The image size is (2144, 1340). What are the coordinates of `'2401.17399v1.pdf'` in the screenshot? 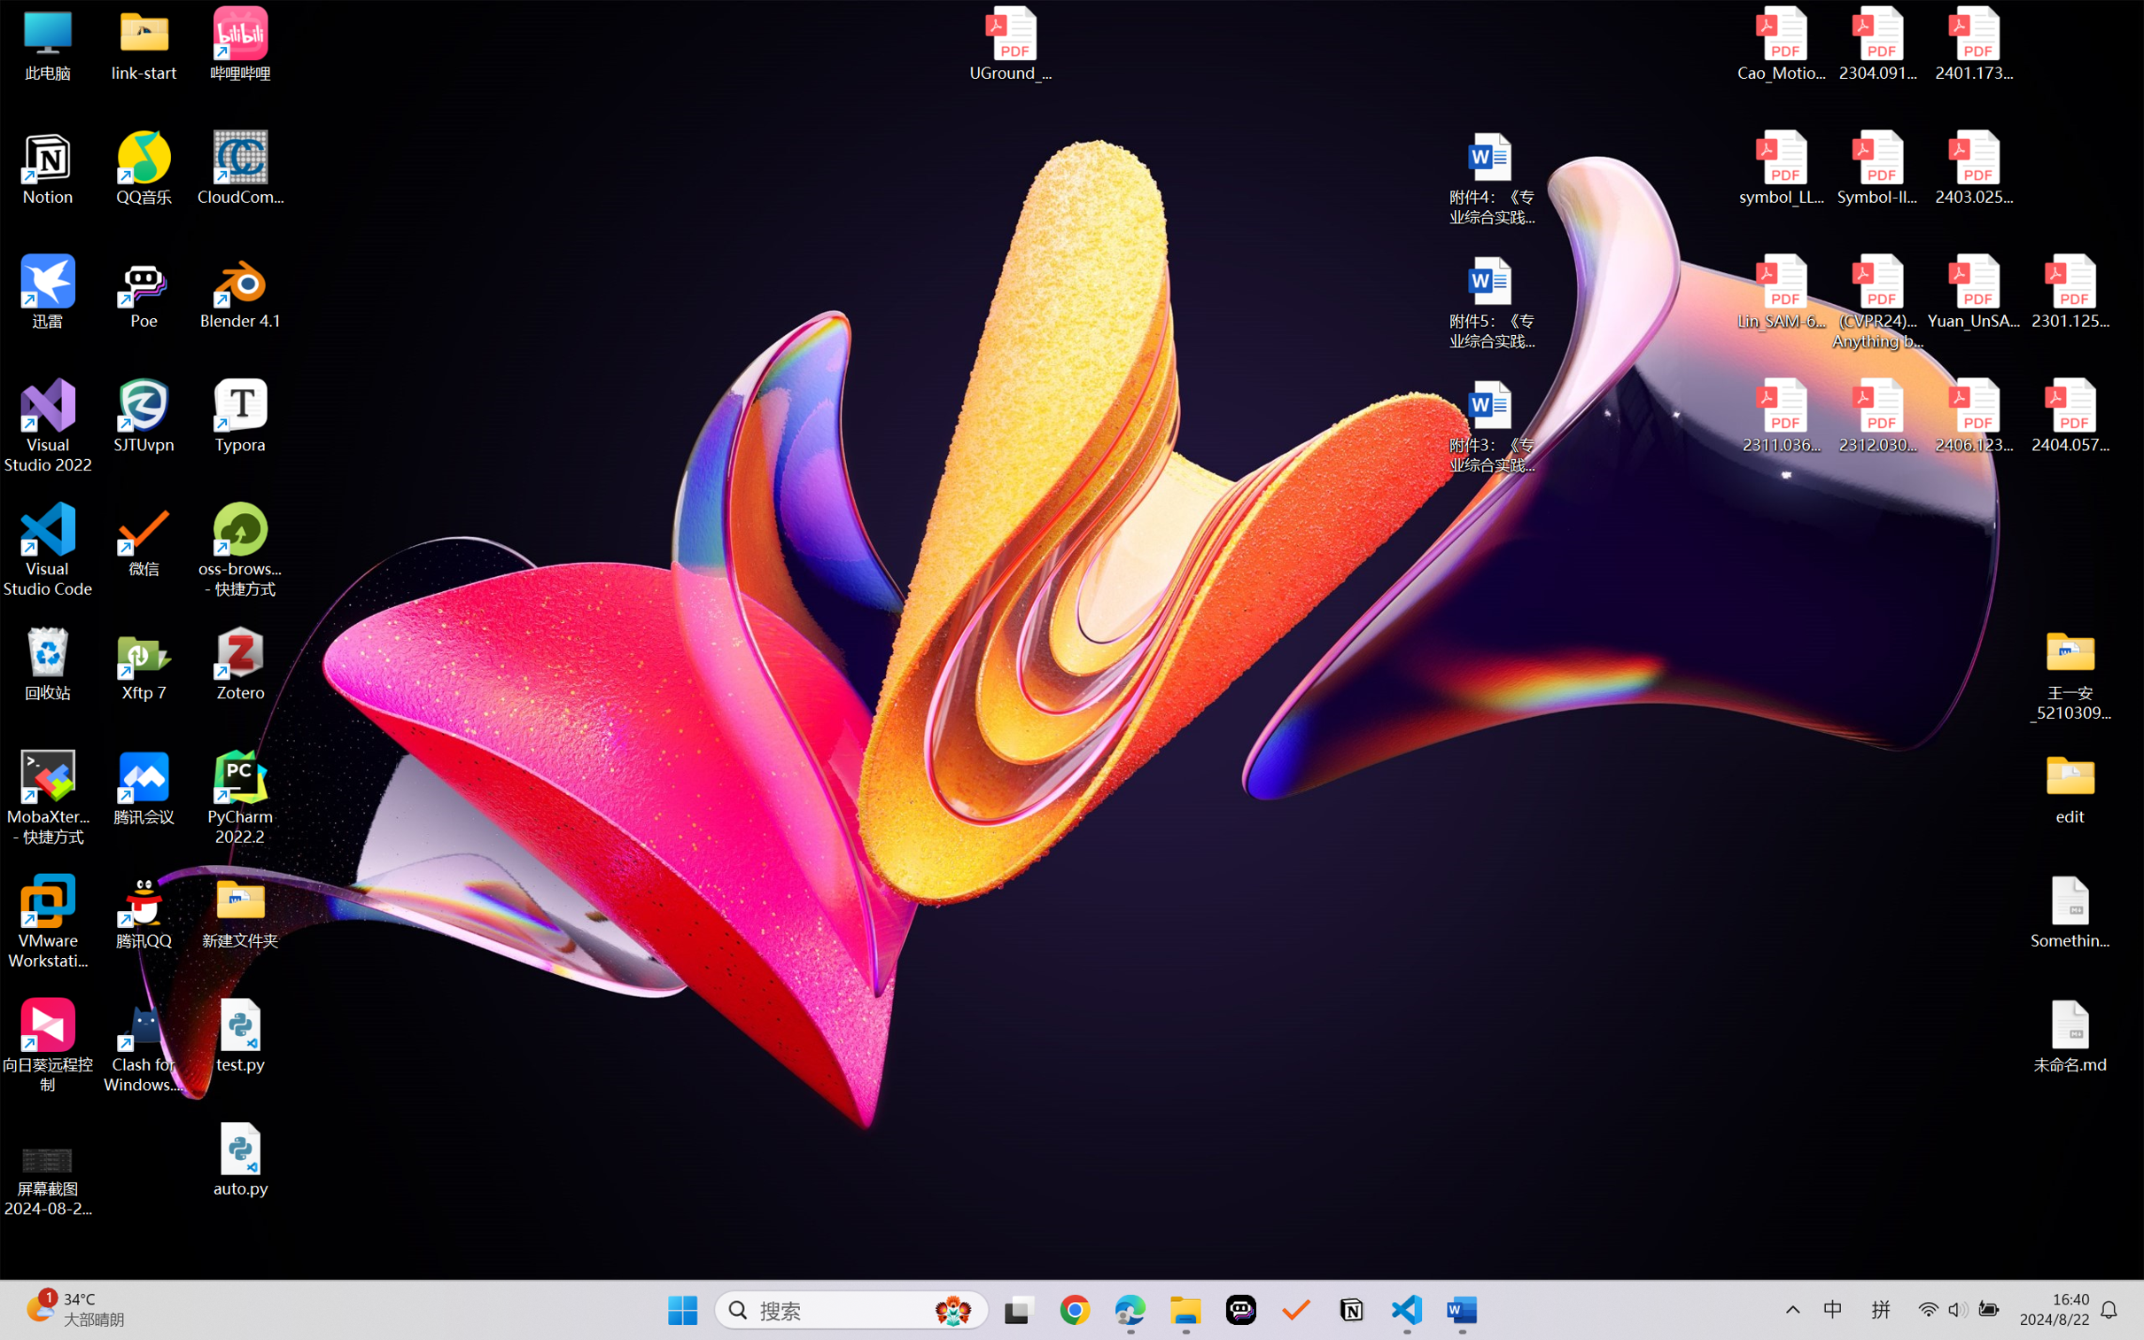 It's located at (1972, 43).